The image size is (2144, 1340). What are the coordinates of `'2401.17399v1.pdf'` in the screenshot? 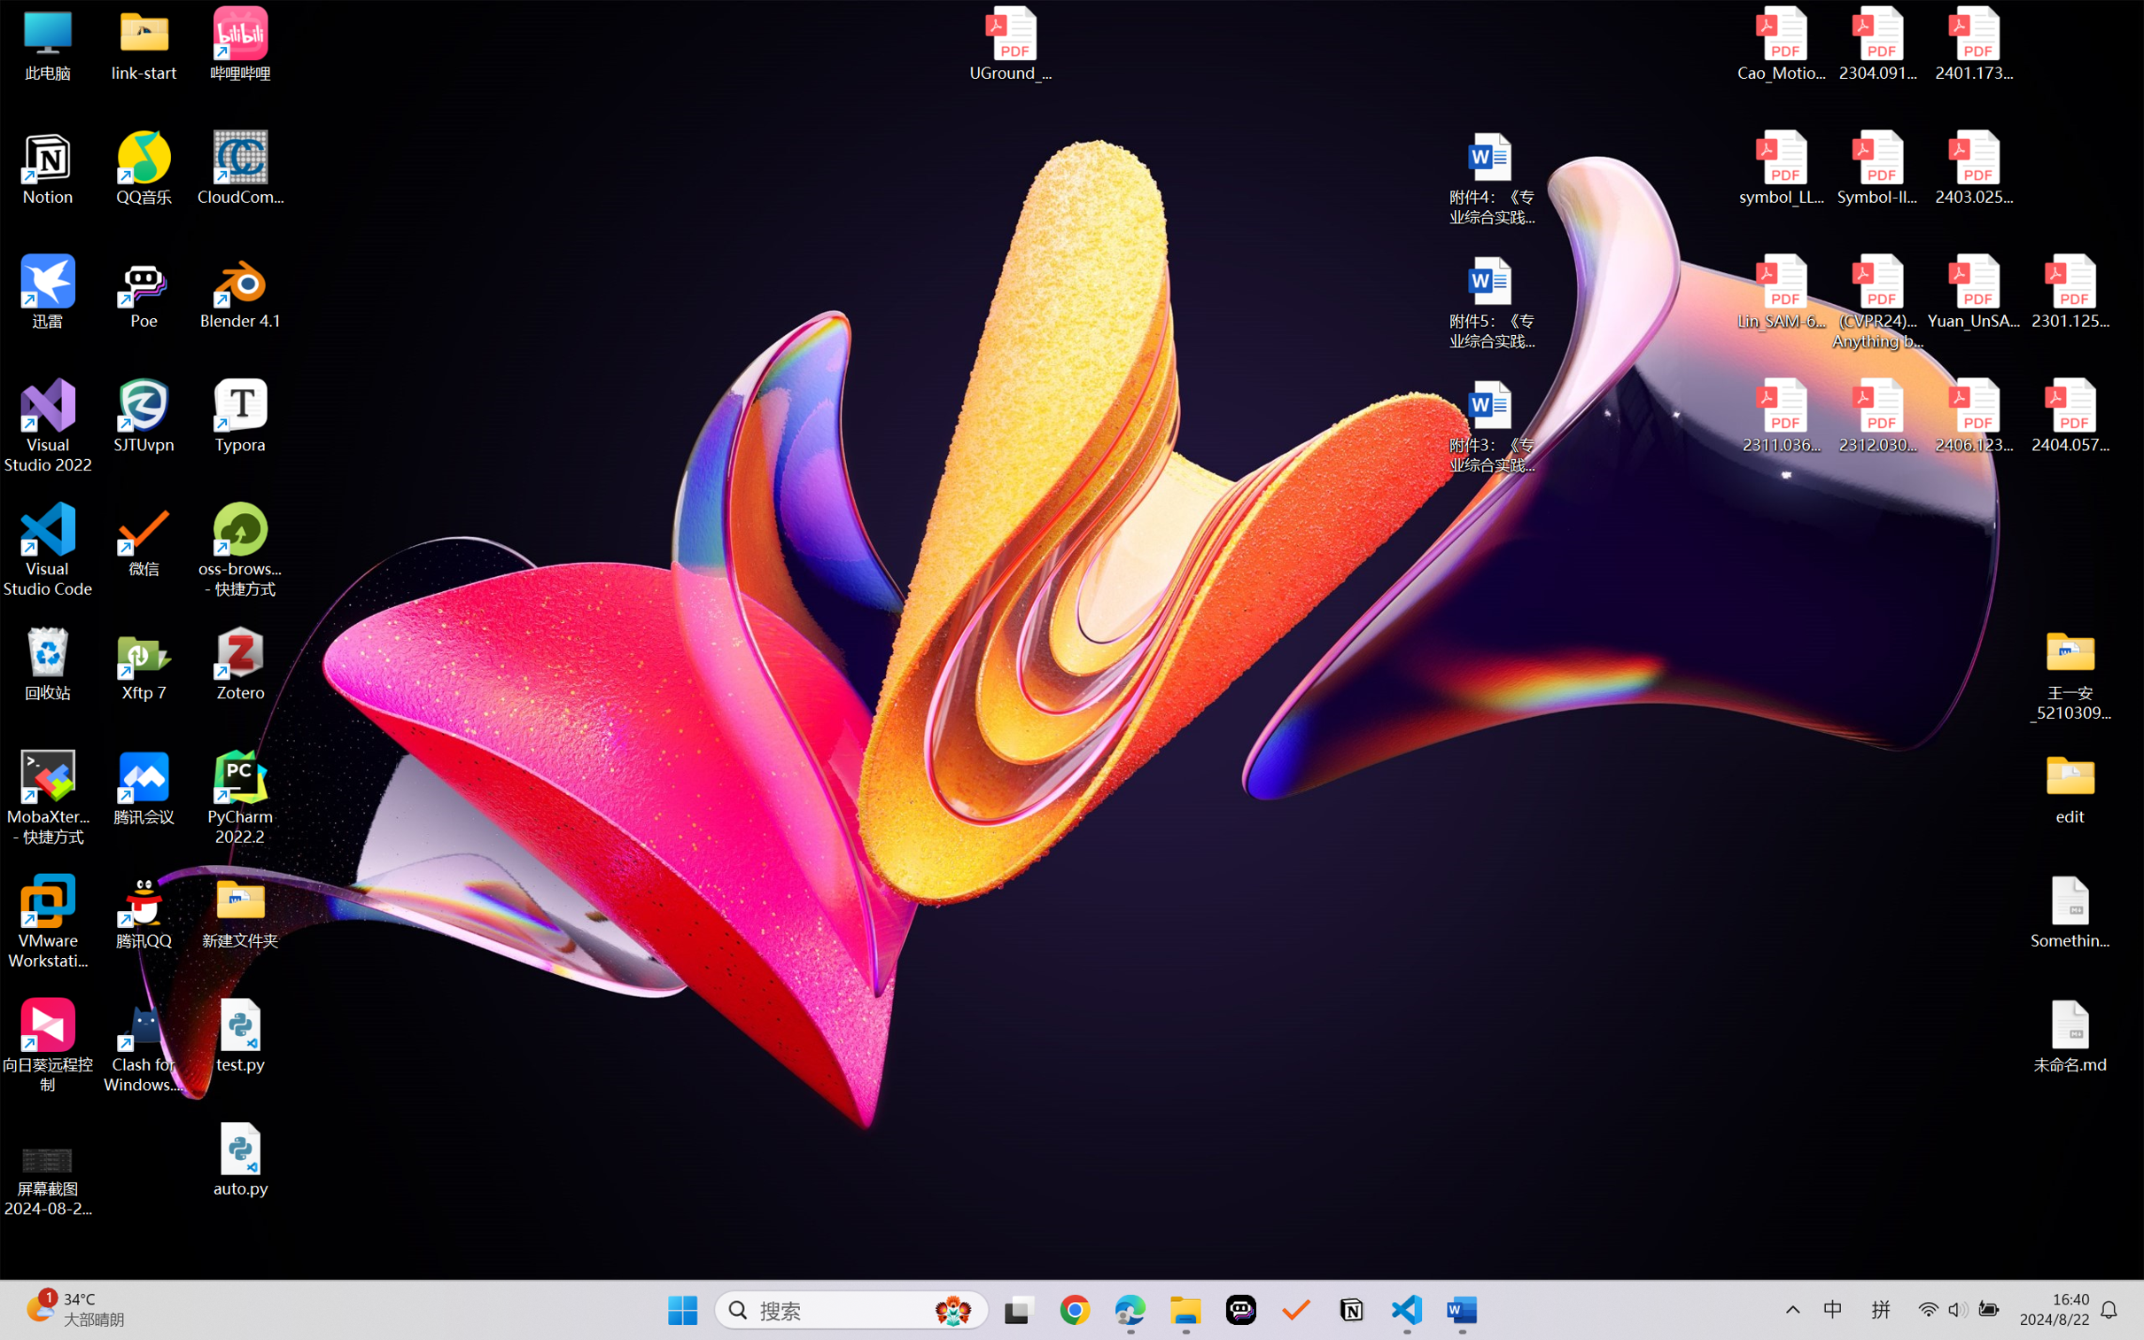 It's located at (1972, 43).